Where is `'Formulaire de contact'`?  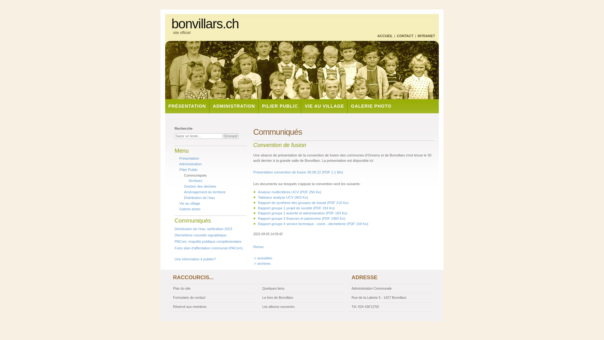
'Formulaire de contact' is located at coordinates (212, 297).